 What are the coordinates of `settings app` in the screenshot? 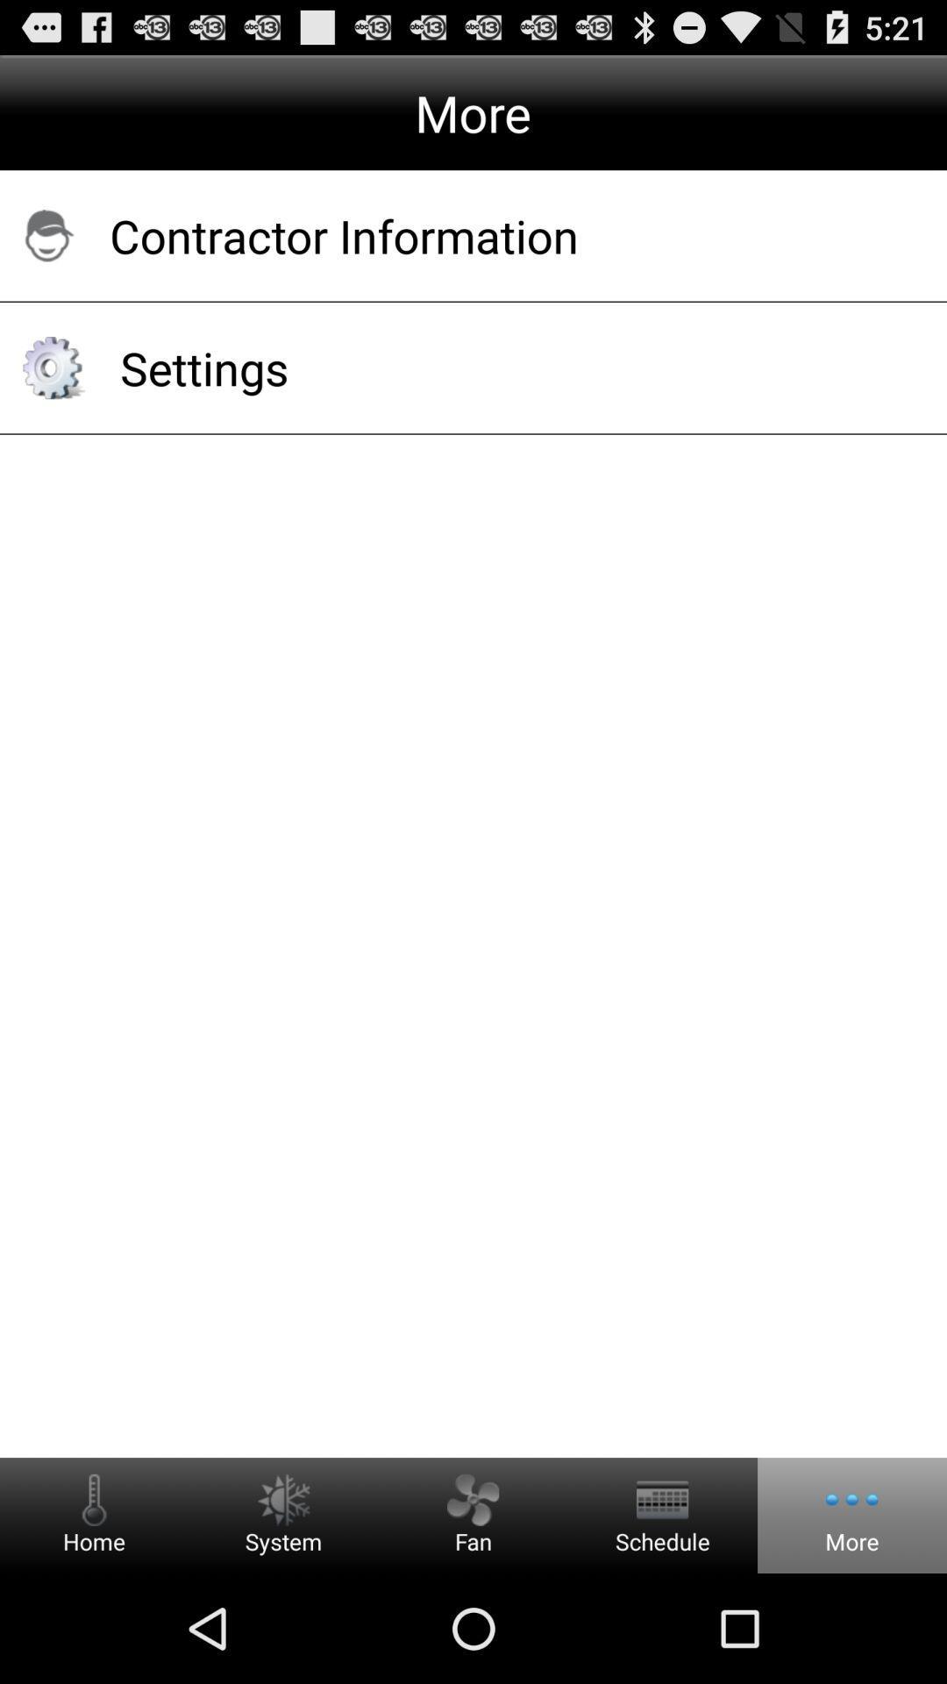 It's located at (510, 367).